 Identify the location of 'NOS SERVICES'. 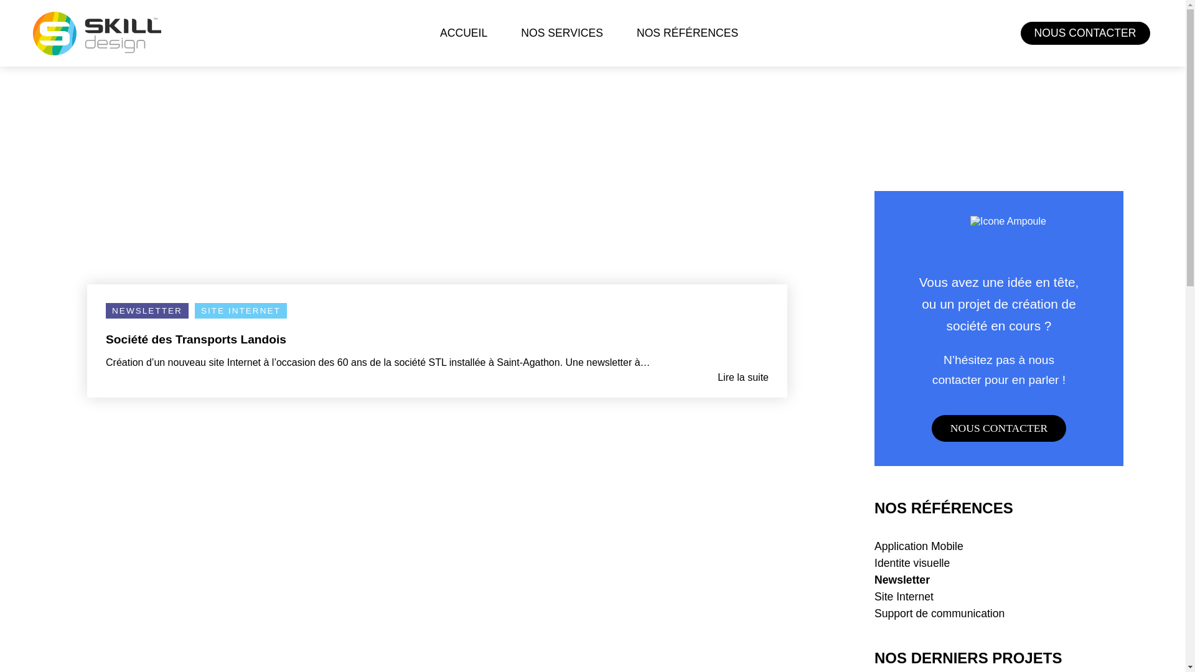
(561, 32).